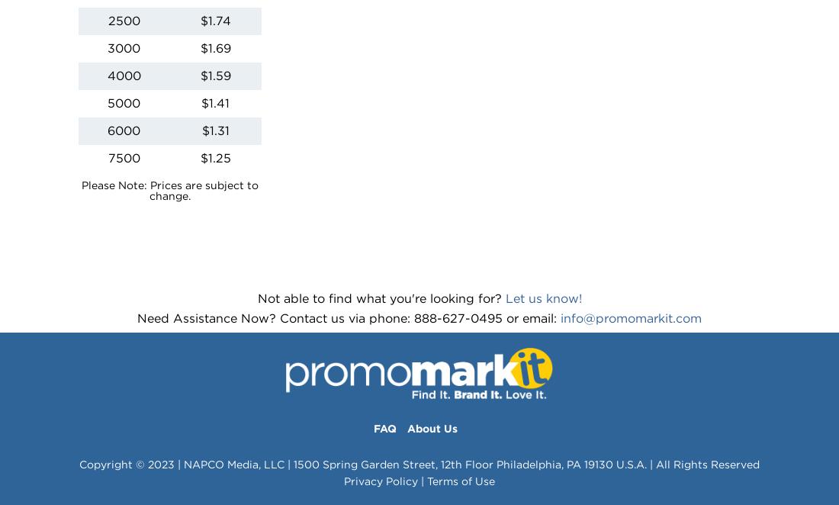 The image size is (839, 505). Describe the element at coordinates (214, 157) in the screenshot. I see `'$1.25'` at that location.